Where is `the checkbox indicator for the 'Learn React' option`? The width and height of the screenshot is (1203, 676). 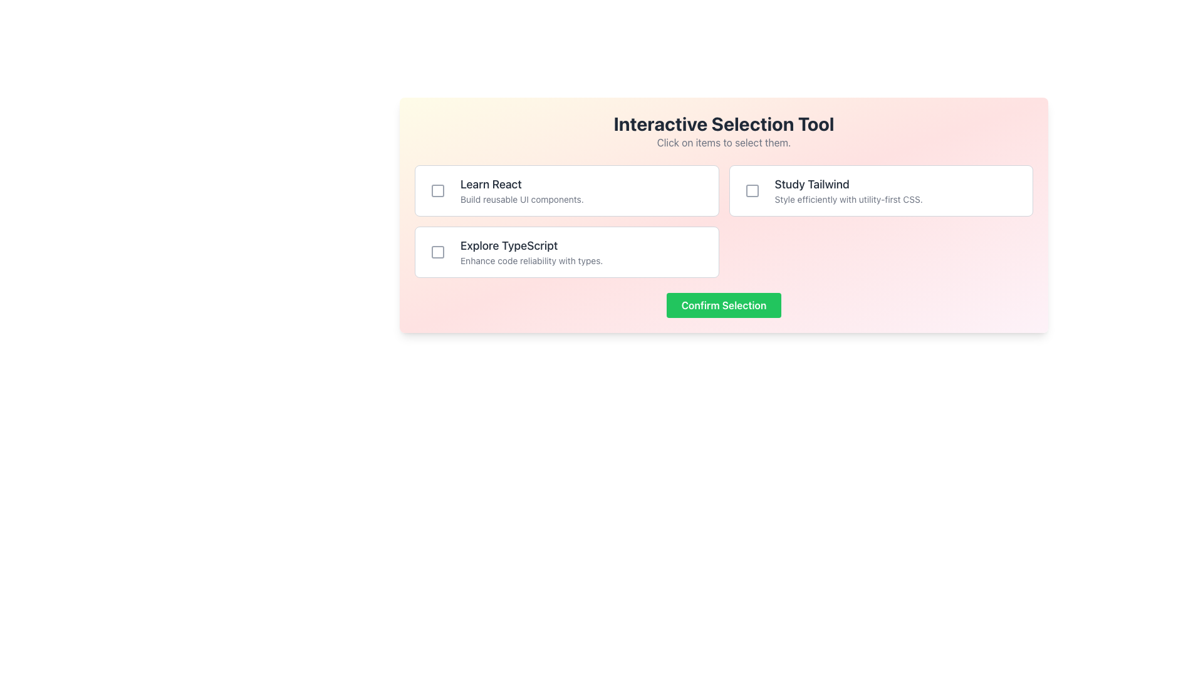 the checkbox indicator for the 'Learn React' option is located at coordinates (438, 190).